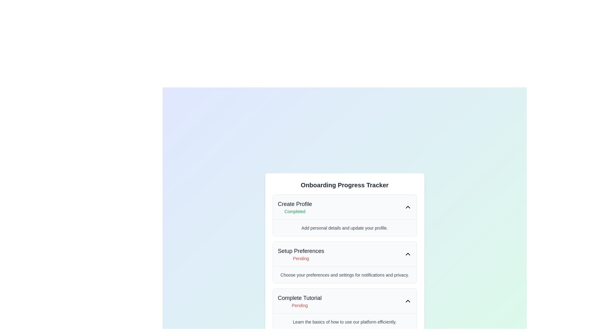  Describe the element at coordinates (344, 262) in the screenshot. I see `the status area of the 'Setup Preferences' Task Card located within the 'Onboarding Progress Tracker', which is the second task item in the vertical sequence` at that location.